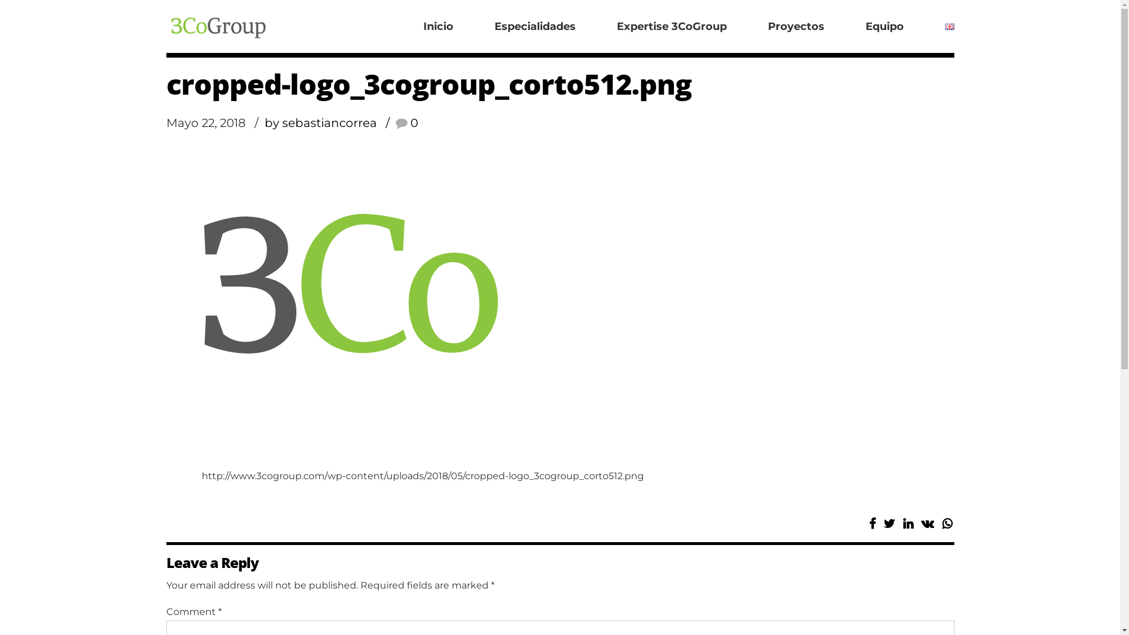  What do you see at coordinates (533, 26) in the screenshot?
I see `'Especialidades'` at bounding box center [533, 26].